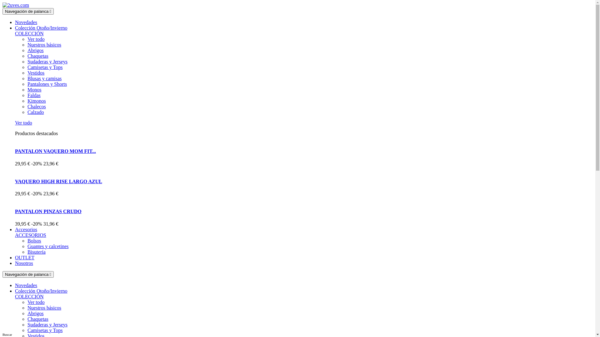  Describe the element at coordinates (36, 100) in the screenshot. I see `'Kimonos'` at that location.